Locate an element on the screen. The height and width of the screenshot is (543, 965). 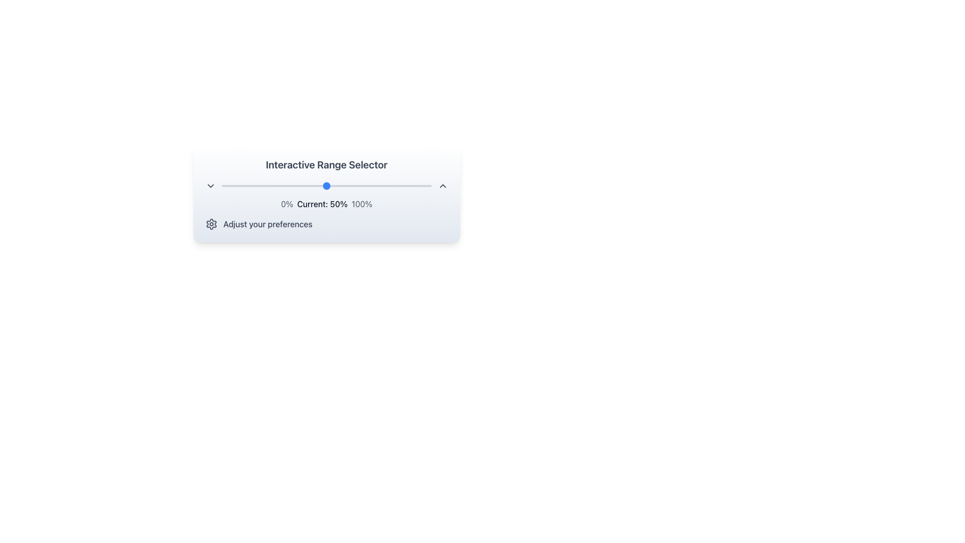
the slider value is located at coordinates (427, 186).